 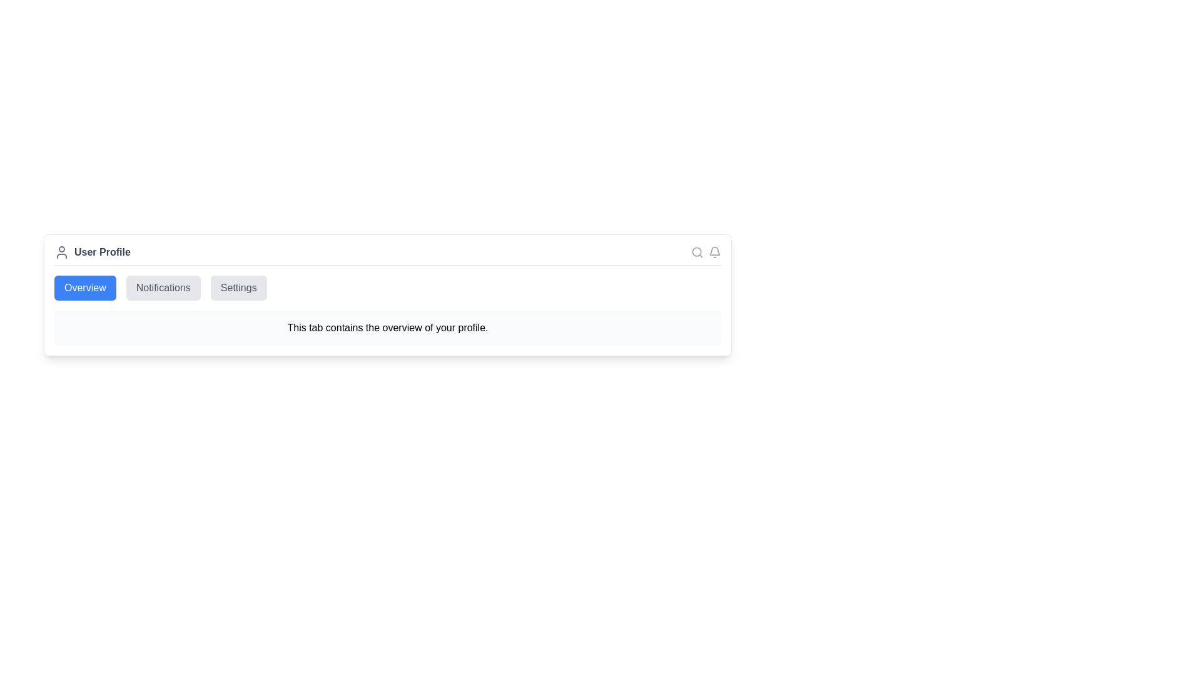 I want to click on the Notifications tab to navigate to it, so click(x=162, y=288).